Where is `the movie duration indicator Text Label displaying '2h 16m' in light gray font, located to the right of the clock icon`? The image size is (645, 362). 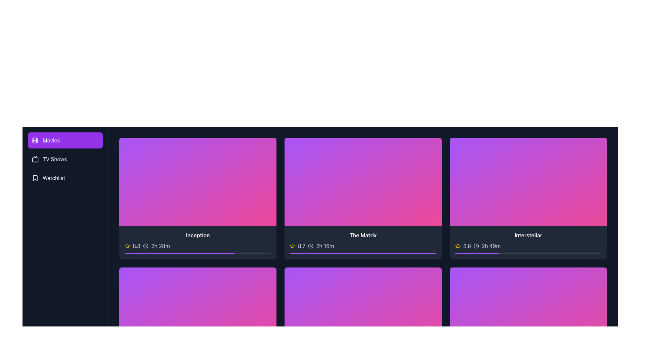
the movie duration indicator Text Label displaying '2h 16m' in light gray font, located to the right of the clock icon is located at coordinates (325, 246).